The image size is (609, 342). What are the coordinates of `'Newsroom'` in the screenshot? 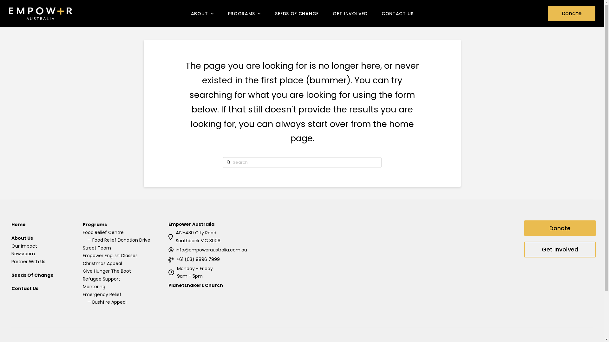 It's located at (23, 253).